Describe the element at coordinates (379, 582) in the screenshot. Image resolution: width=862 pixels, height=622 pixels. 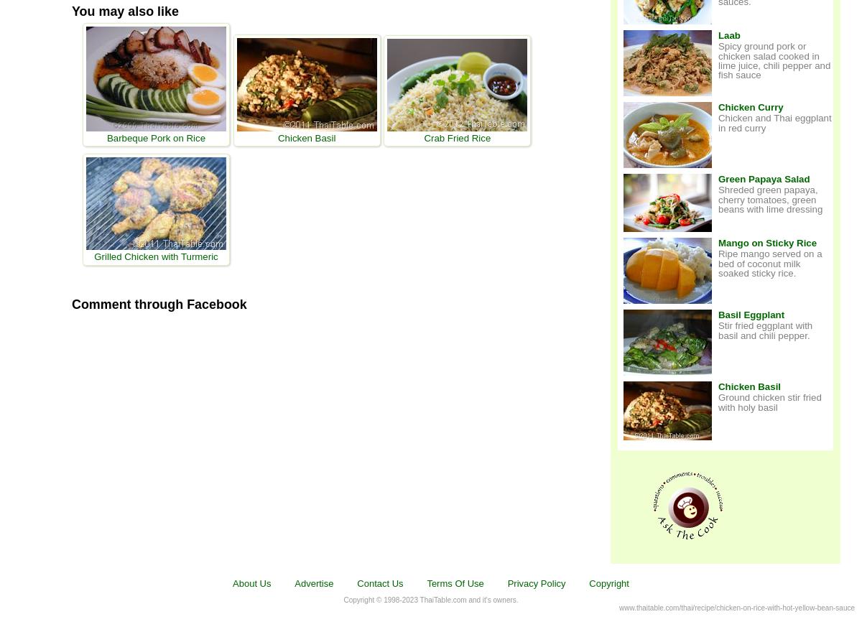
I see `'Contact Us'` at that location.